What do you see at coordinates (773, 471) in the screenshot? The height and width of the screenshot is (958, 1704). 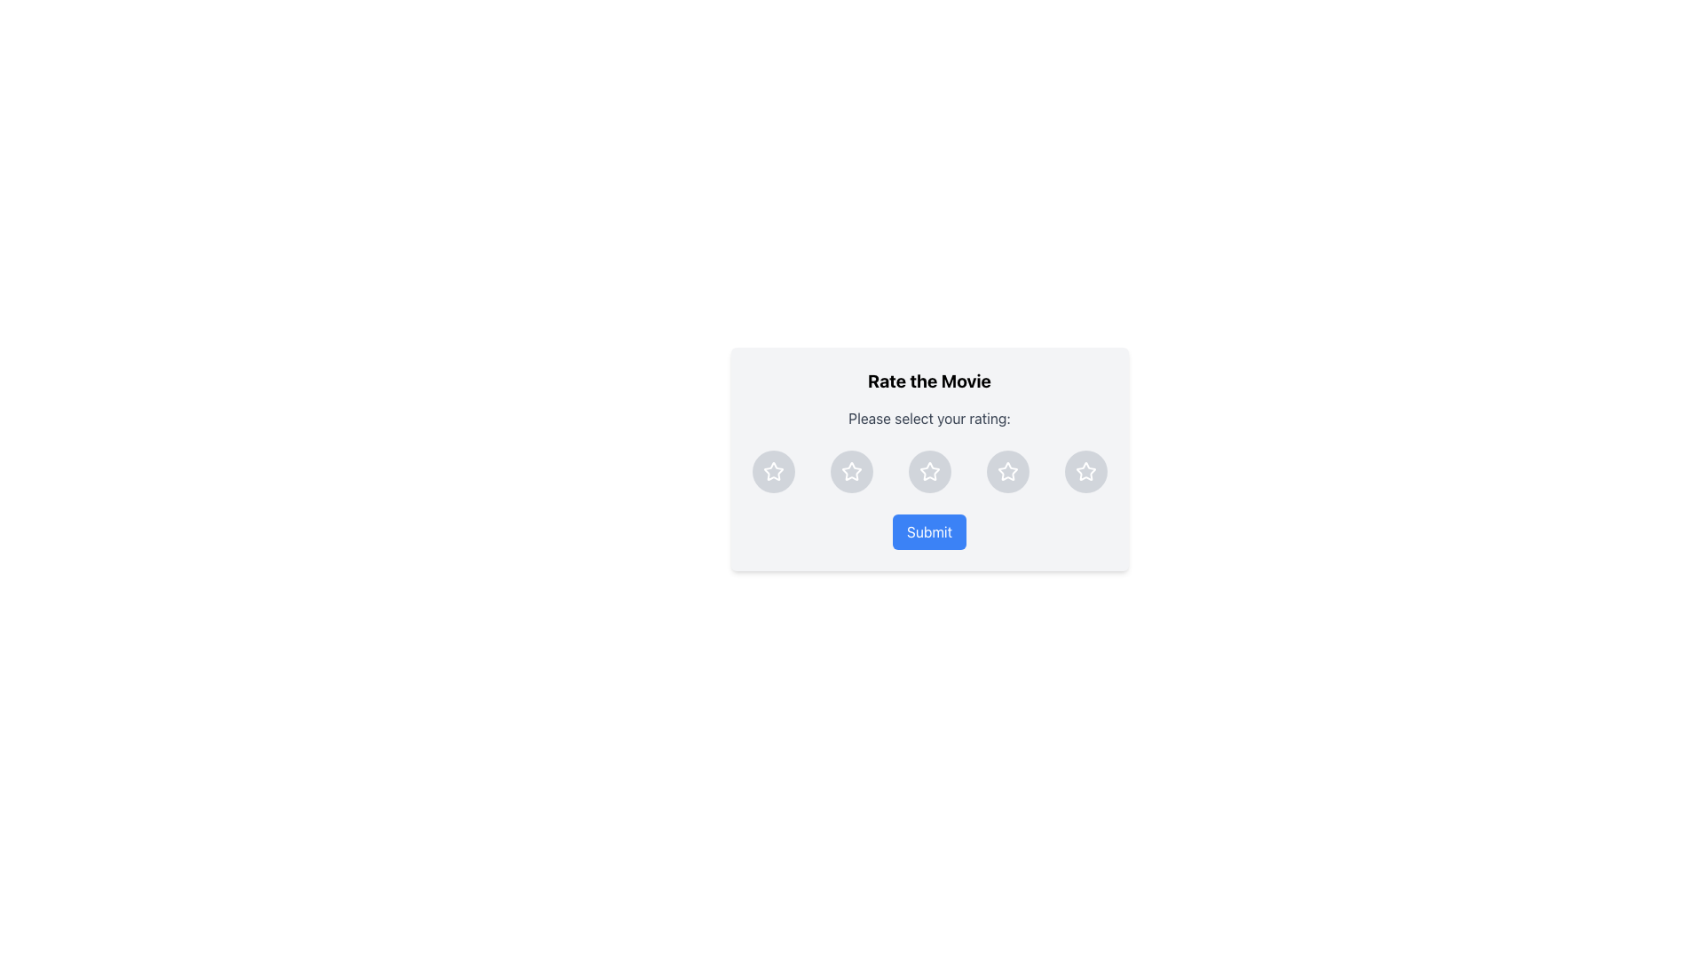 I see `the first star icon in the rating options` at bounding box center [773, 471].